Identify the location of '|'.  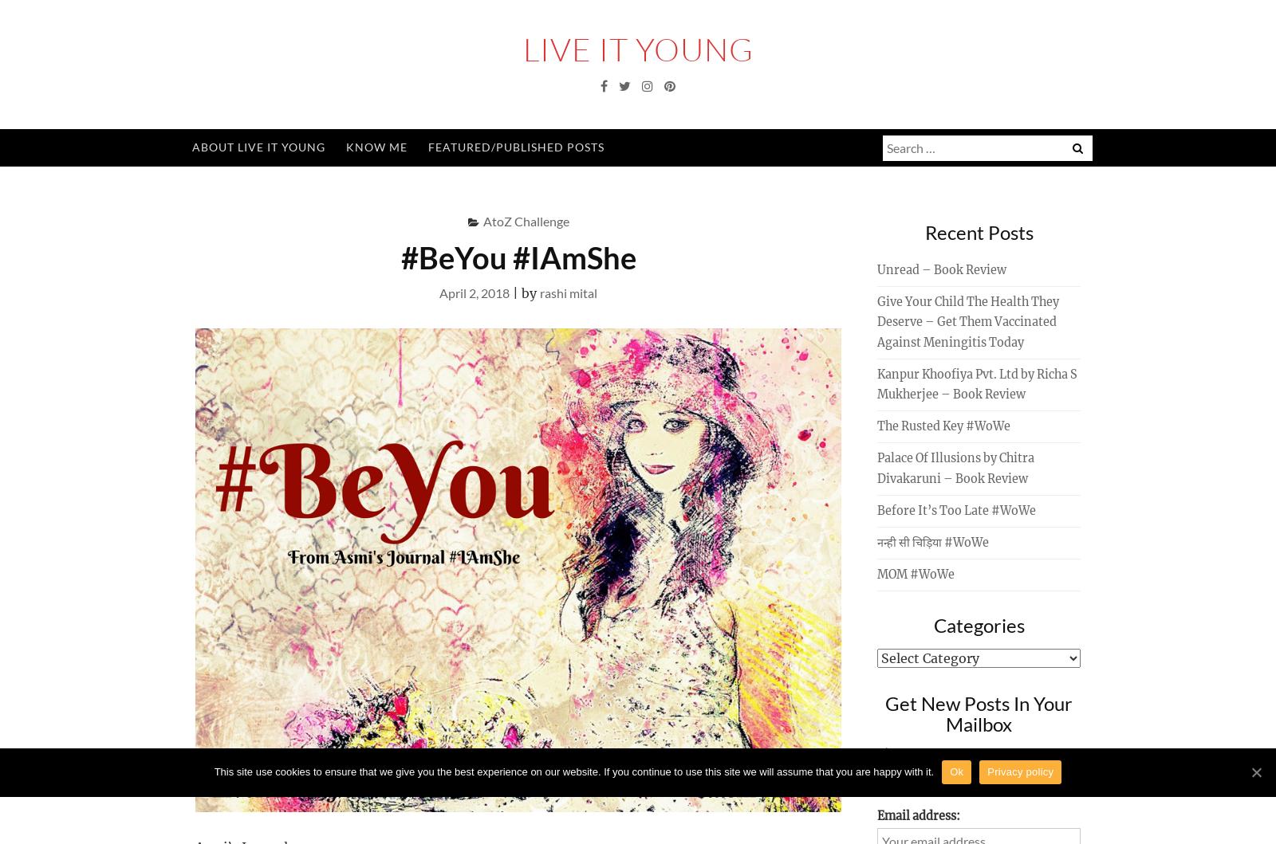
(515, 292).